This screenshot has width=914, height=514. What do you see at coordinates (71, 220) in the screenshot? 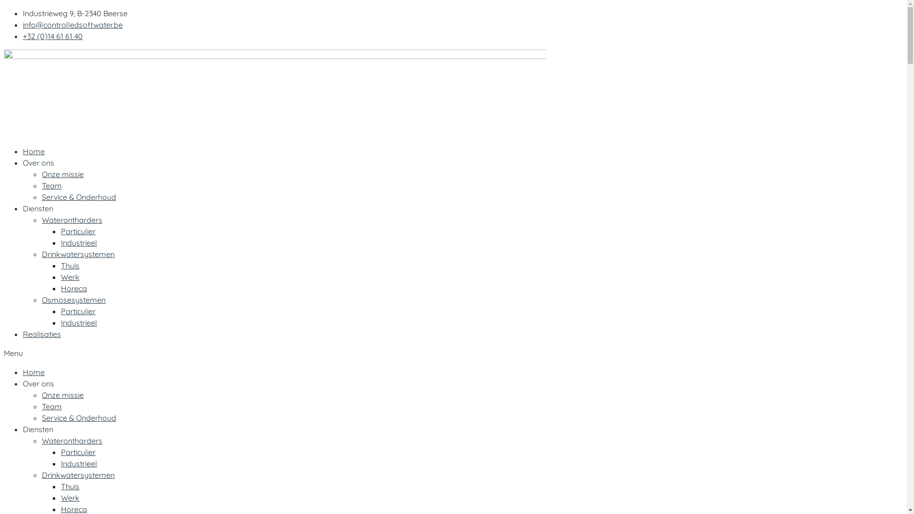
I see `'Waterontharders'` at bounding box center [71, 220].